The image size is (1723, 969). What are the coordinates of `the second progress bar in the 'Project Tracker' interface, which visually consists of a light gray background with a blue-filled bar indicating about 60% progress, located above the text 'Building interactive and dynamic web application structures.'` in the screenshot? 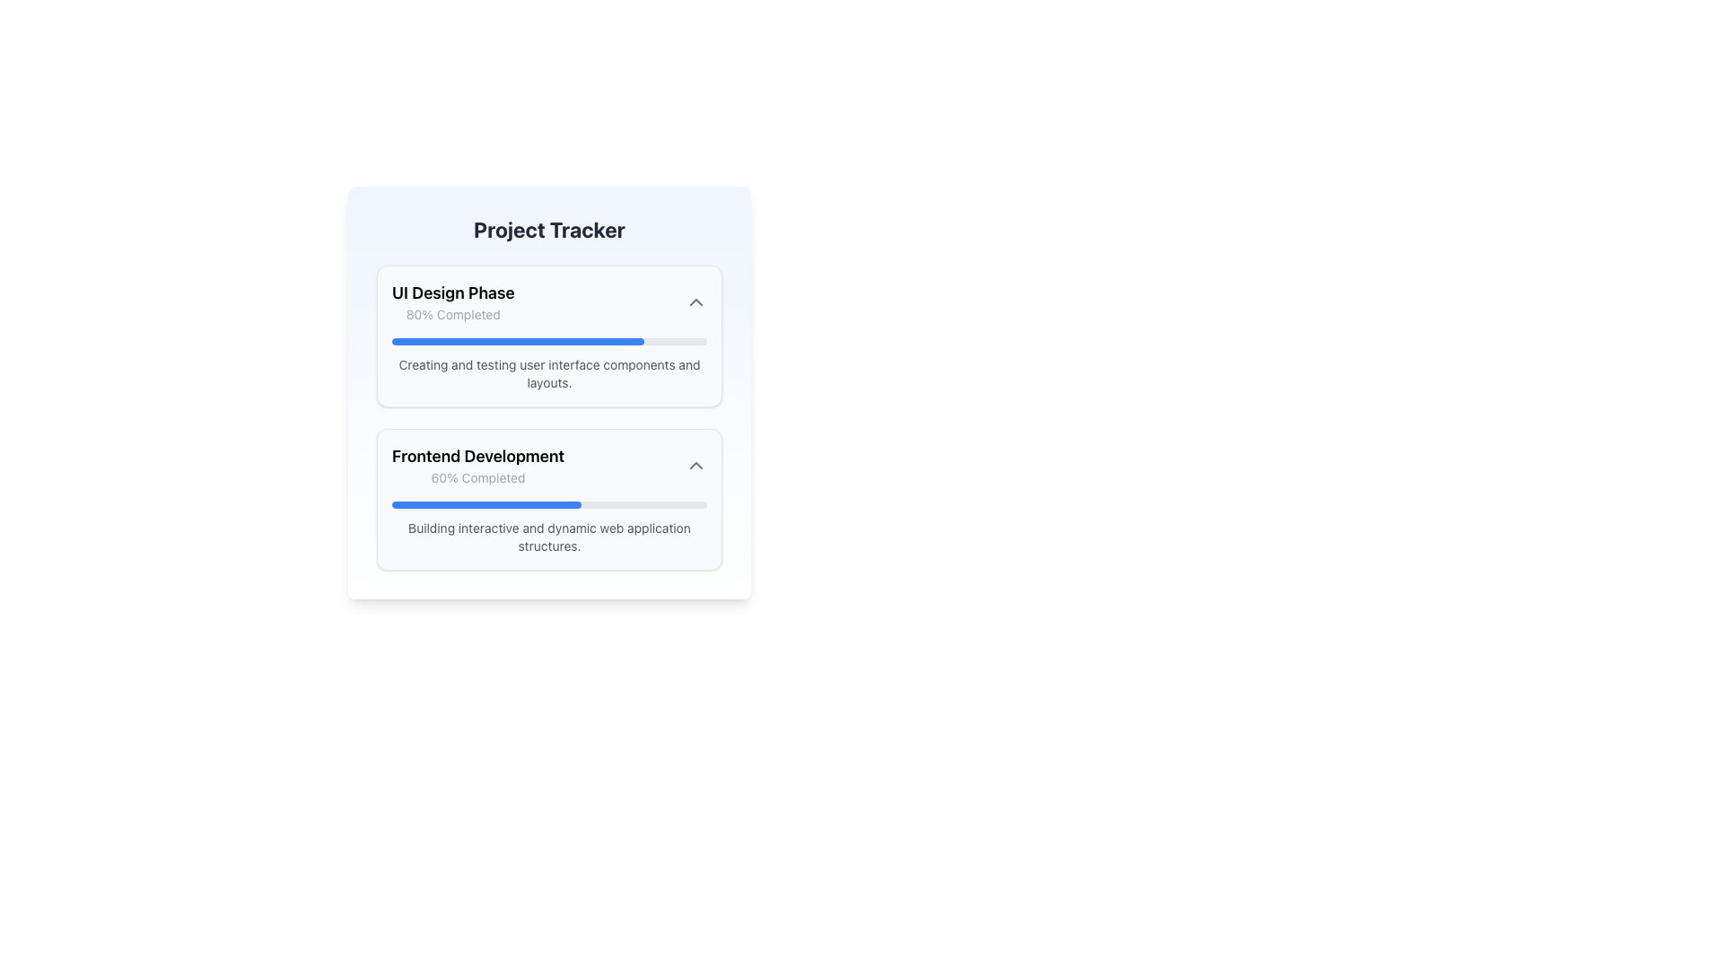 It's located at (548, 505).